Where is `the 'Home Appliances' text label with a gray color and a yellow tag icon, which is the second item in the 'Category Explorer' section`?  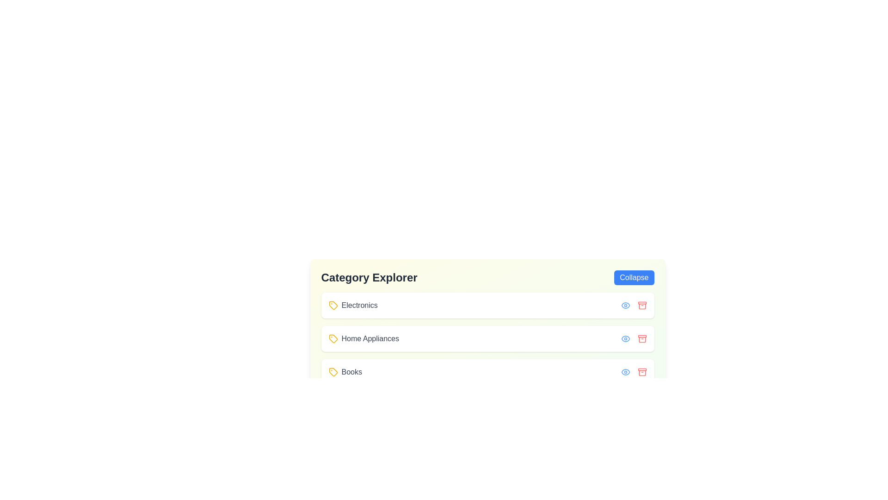 the 'Home Appliances' text label with a gray color and a yellow tag icon, which is the second item in the 'Category Explorer' section is located at coordinates (363, 339).